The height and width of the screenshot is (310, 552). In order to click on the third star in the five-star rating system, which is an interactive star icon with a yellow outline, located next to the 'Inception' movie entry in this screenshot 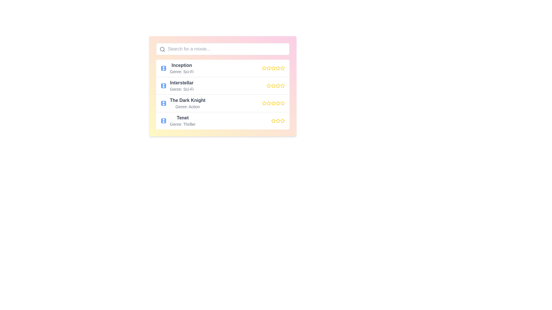, I will do `click(269, 68)`.